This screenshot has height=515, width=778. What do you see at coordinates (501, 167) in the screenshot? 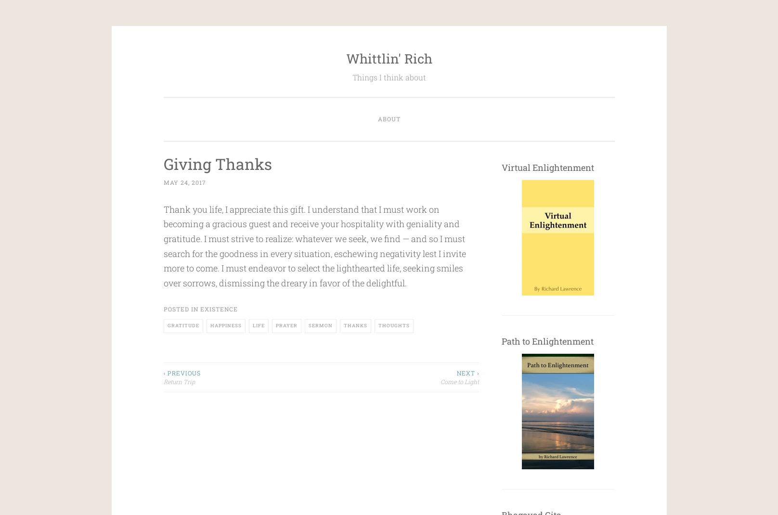
I see `'Virtual Enlightenment'` at bounding box center [501, 167].